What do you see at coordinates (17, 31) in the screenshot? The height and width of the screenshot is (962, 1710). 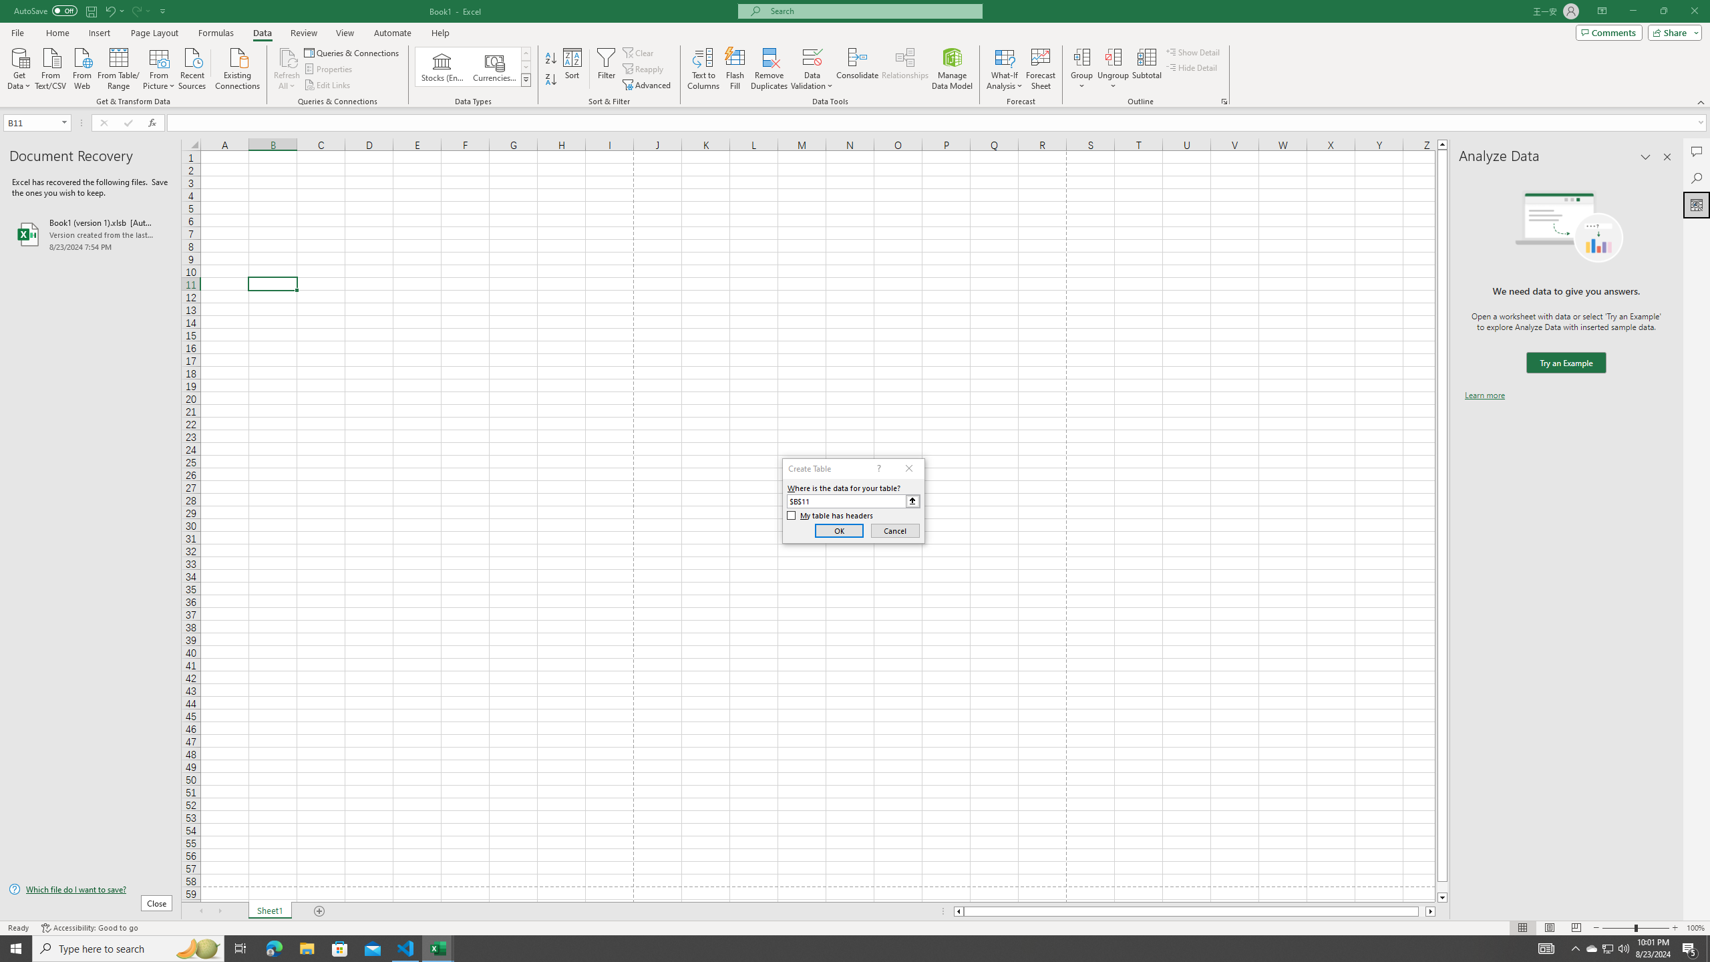 I see `'File Tab'` at bounding box center [17, 31].